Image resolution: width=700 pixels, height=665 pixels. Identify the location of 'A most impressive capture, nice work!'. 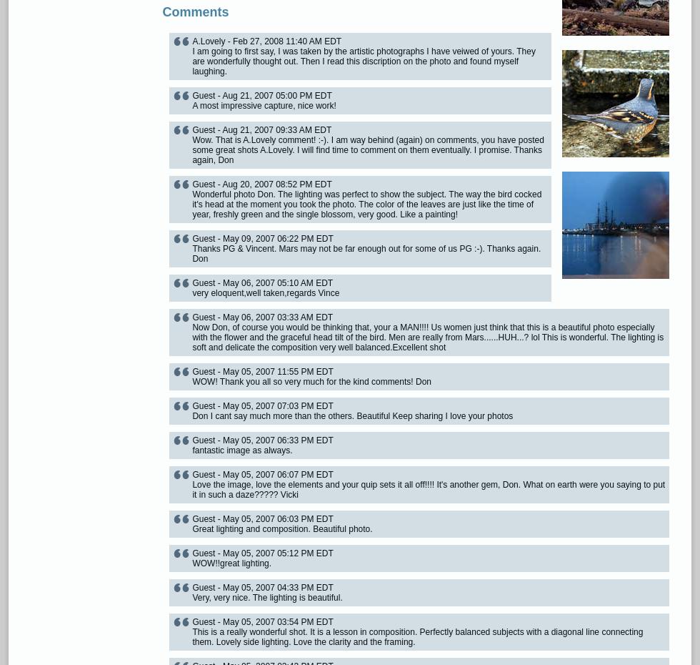
(264, 105).